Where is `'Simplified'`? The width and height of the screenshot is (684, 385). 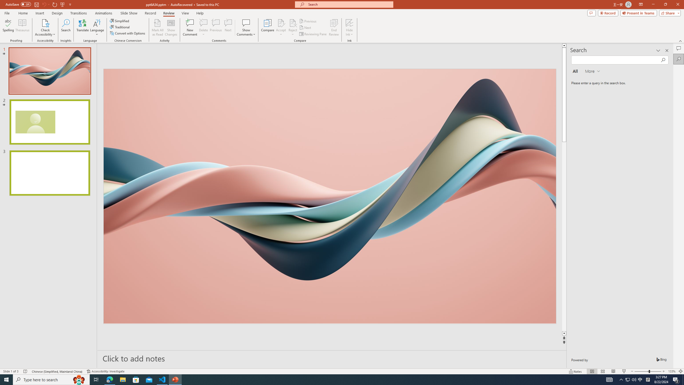
'Simplified' is located at coordinates (120, 21).